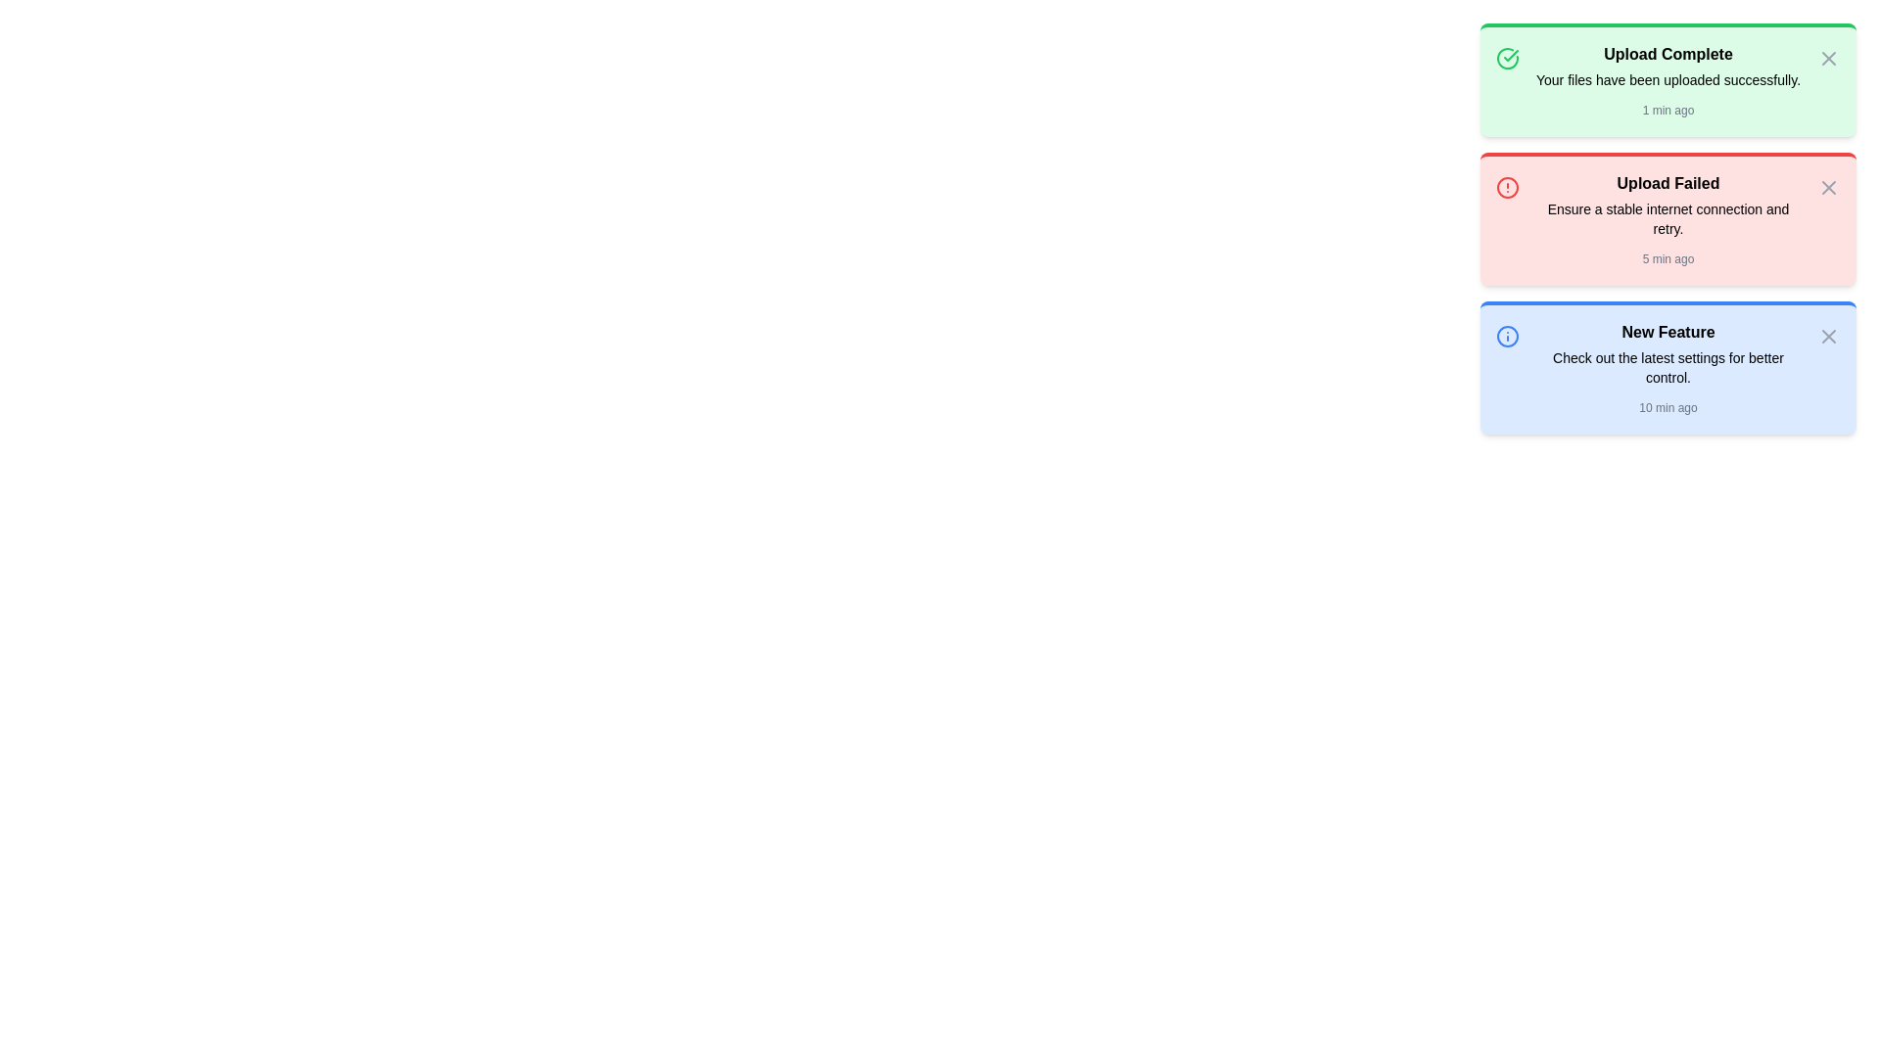 The height and width of the screenshot is (1057, 1880). I want to click on the Text Label indicating the successful completion of an upload operation, which is located in the upper part of the first notification box with a green background, so click(1668, 54).